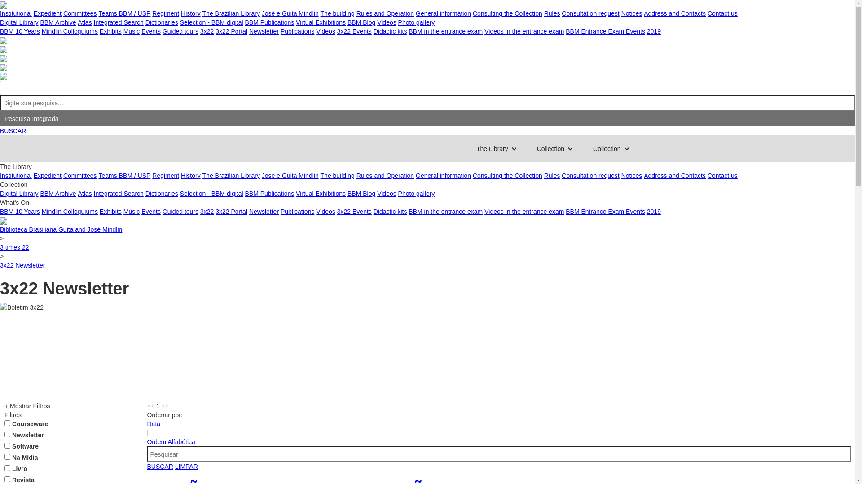 This screenshot has width=862, height=484. I want to click on 'Publications', so click(297, 30).